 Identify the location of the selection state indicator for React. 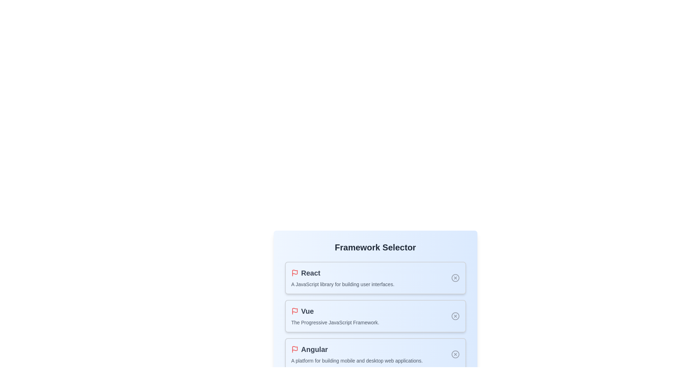
(455, 278).